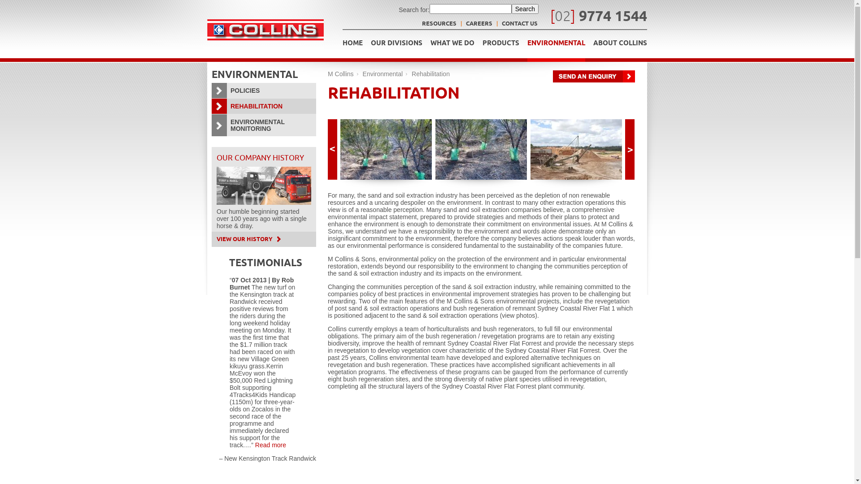  Describe the element at coordinates (500, 45) in the screenshot. I see `'PRODUCTS'` at that location.